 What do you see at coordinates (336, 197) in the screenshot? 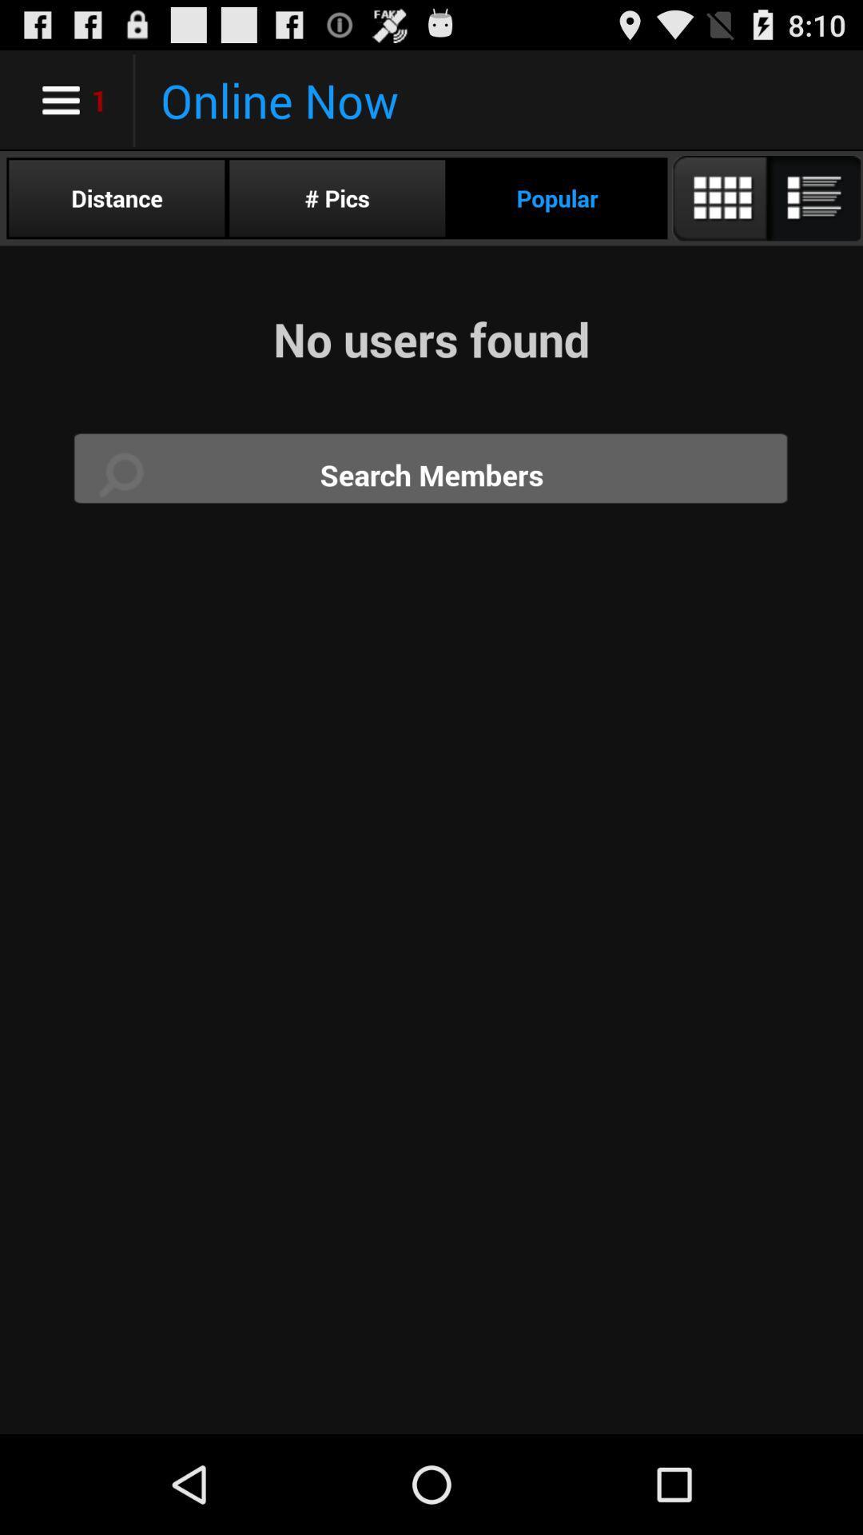
I see `icon to the right of the distance icon` at bounding box center [336, 197].